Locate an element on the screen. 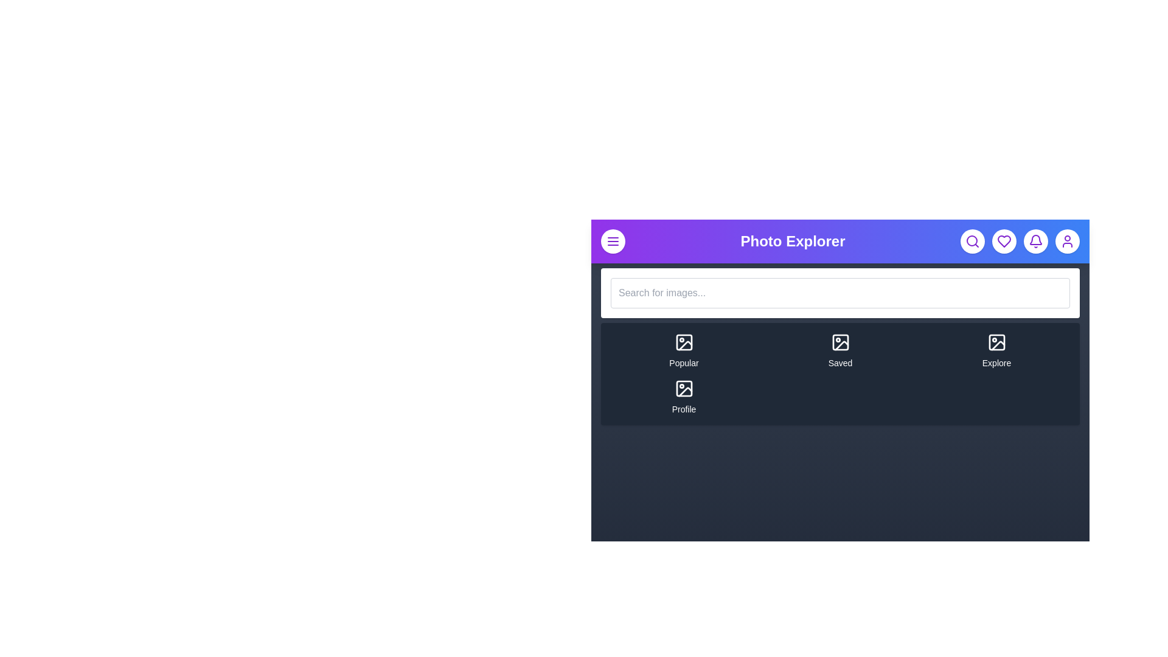 The width and height of the screenshot is (1168, 657). the user profile button to access the user profile is located at coordinates (1067, 242).